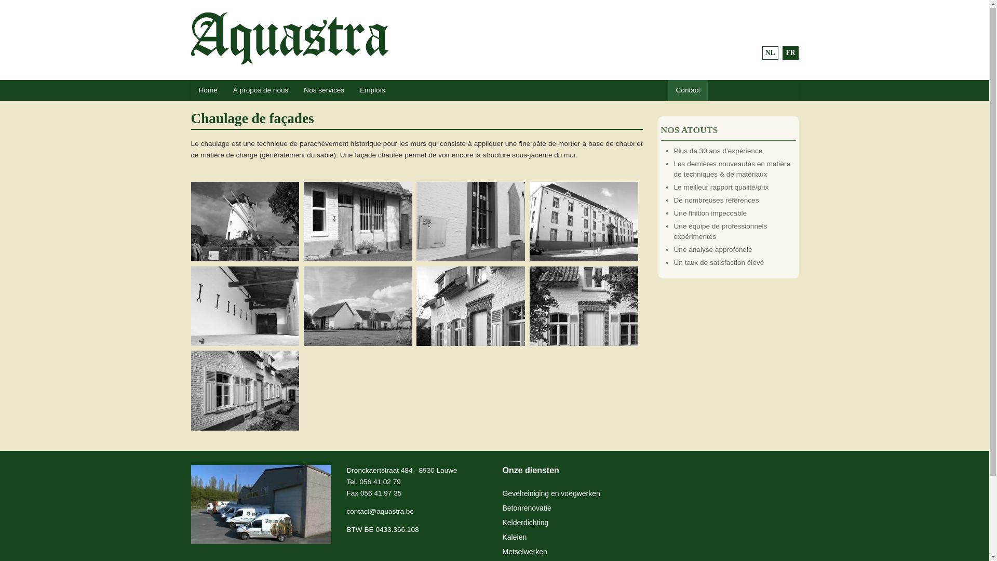 The image size is (997, 561). Describe the element at coordinates (668, 90) in the screenshot. I see `'Contact'` at that location.